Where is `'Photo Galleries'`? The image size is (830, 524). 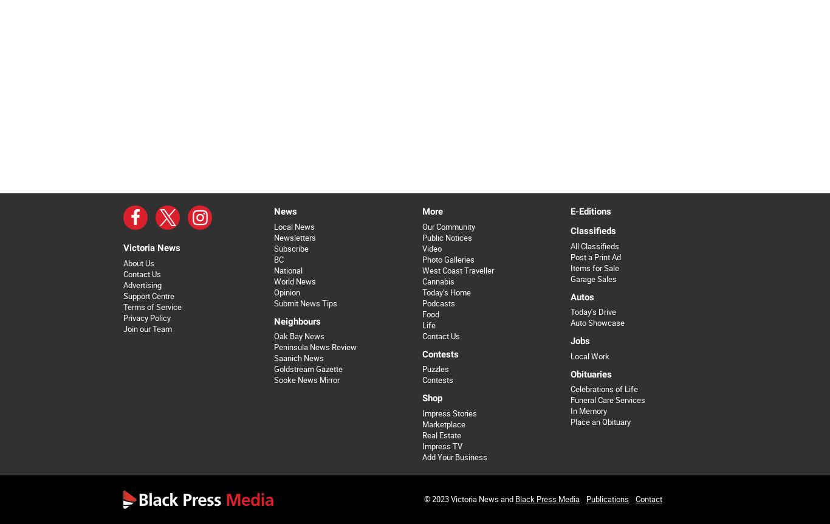 'Photo Galleries' is located at coordinates (447, 258).